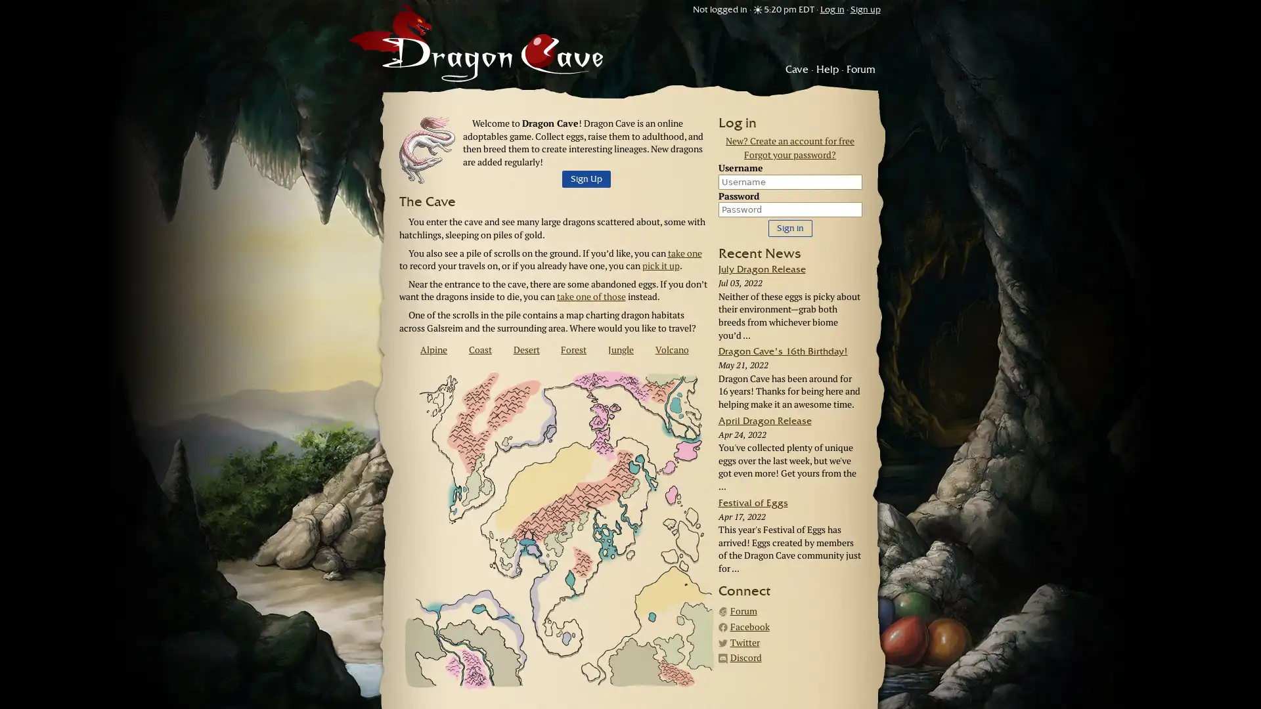  Describe the element at coordinates (585, 179) in the screenshot. I see `Sign Up` at that location.